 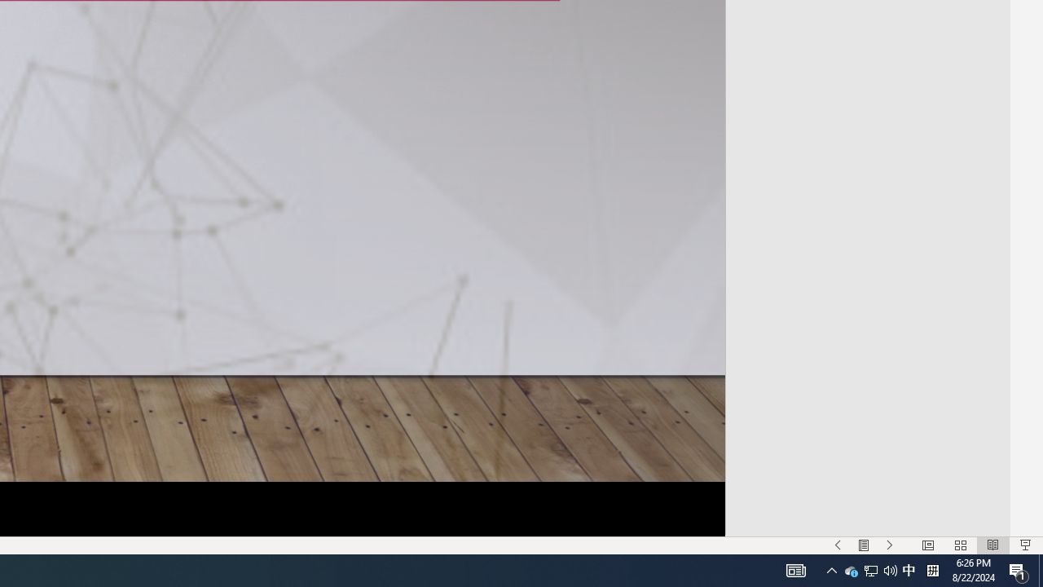 What do you see at coordinates (838, 545) in the screenshot?
I see `'Slide Show Previous On'` at bounding box center [838, 545].